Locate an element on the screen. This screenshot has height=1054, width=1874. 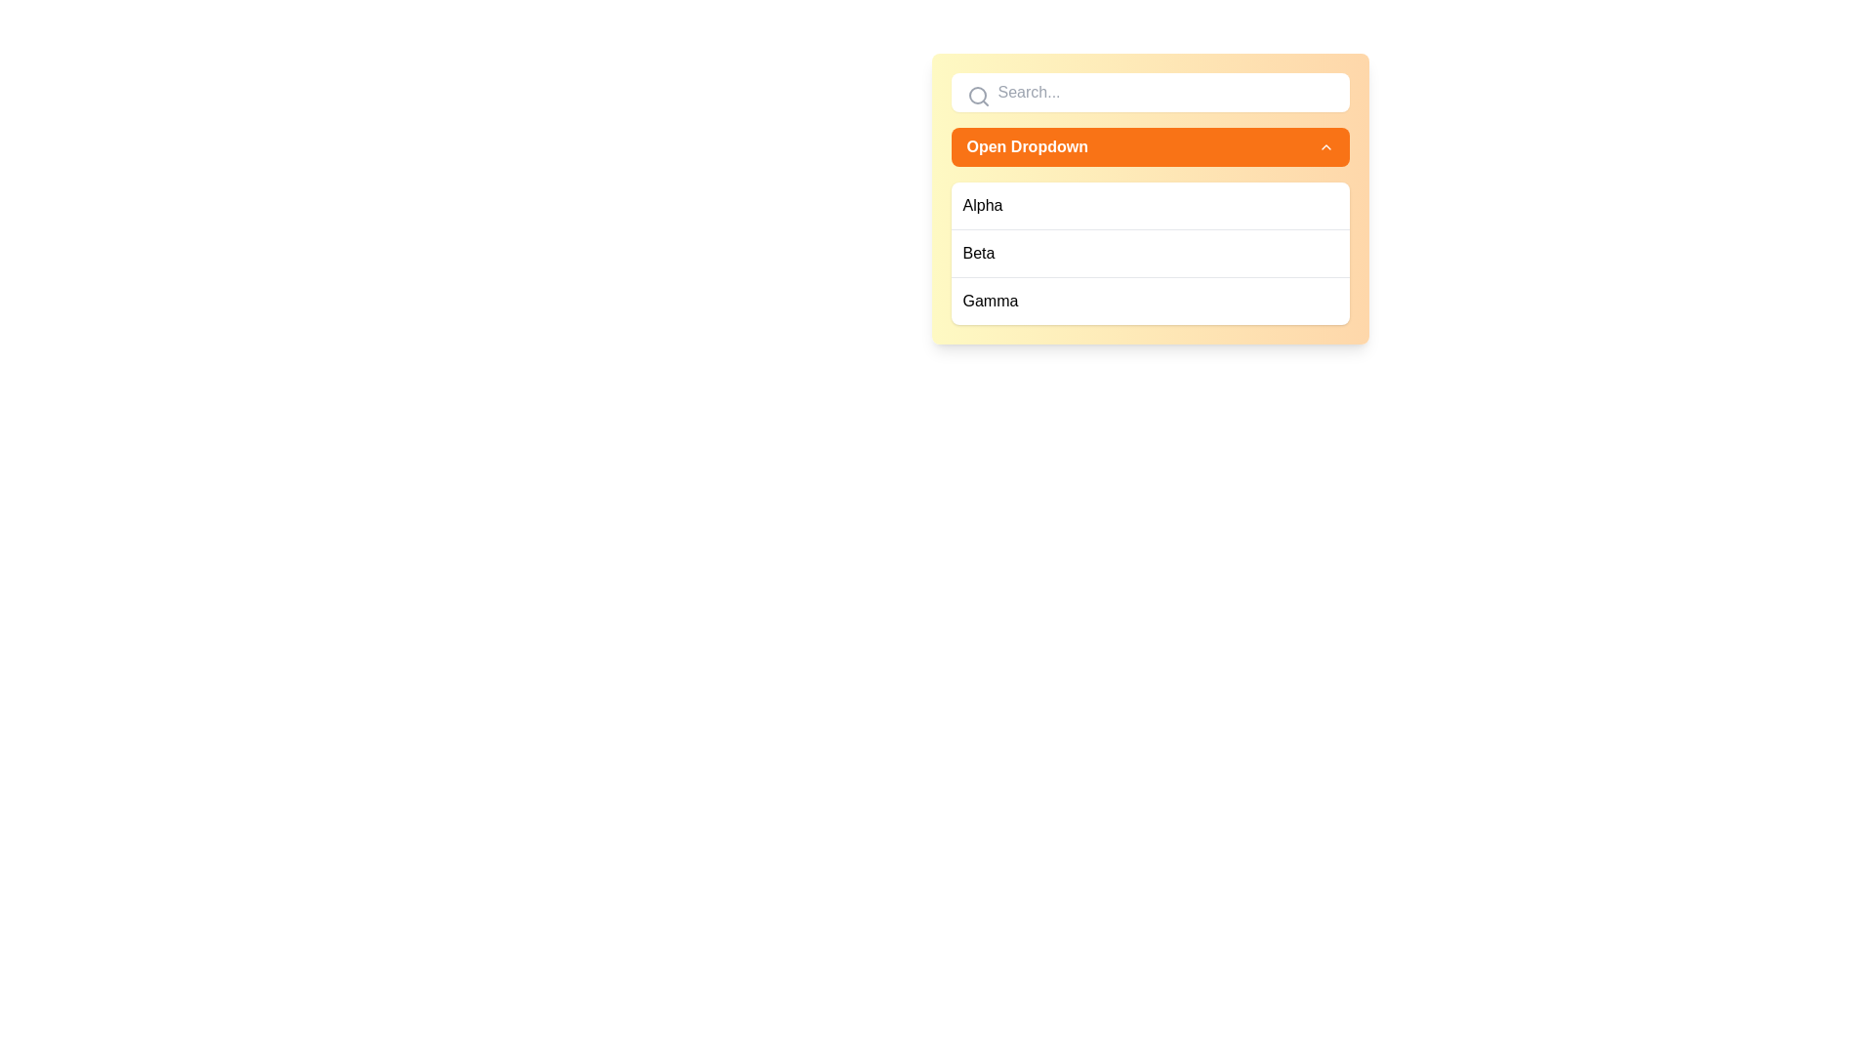
the list item option labeled 'Alpha' in the dropdown menu is located at coordinates (983, 206).